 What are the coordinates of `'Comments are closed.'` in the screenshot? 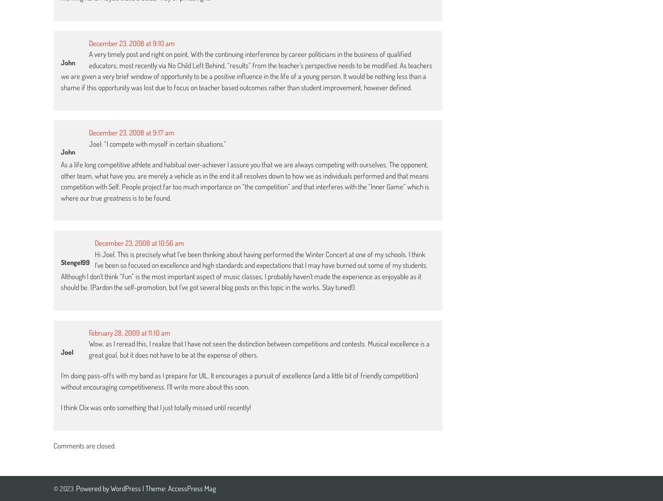 It's located at (84, 445).